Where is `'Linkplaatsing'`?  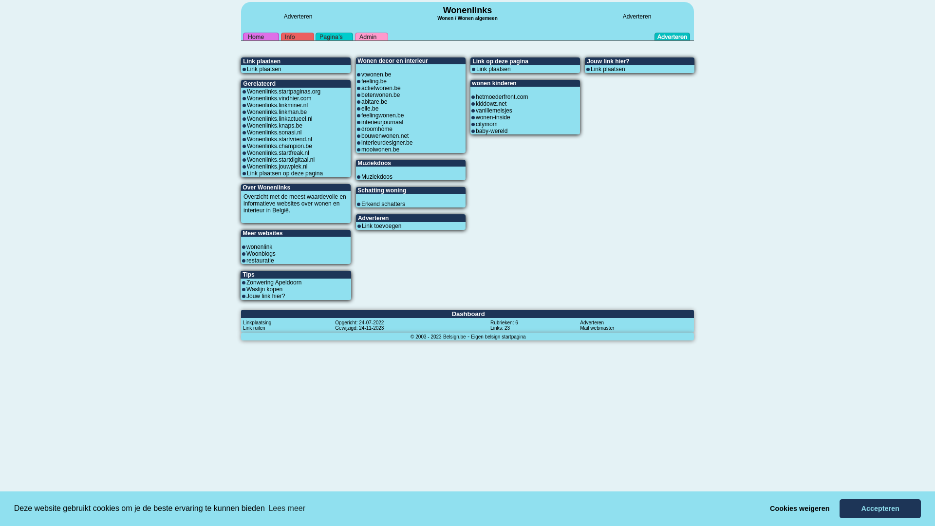
'Linkplaatsing' is located at coordinates (257, 322).